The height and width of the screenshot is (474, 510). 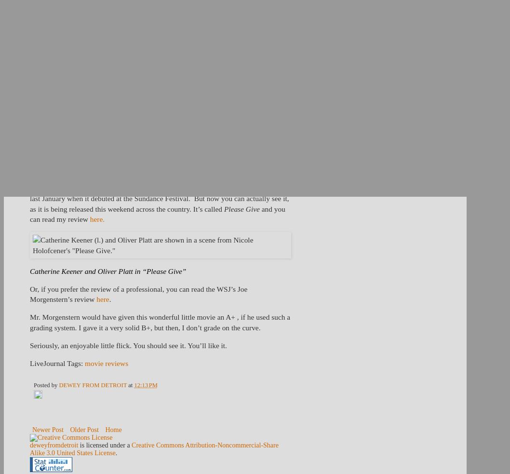 What do you see at coordinates (131, 384) in the screenshot?
I see `'at'` at bounding box center [131, 384].